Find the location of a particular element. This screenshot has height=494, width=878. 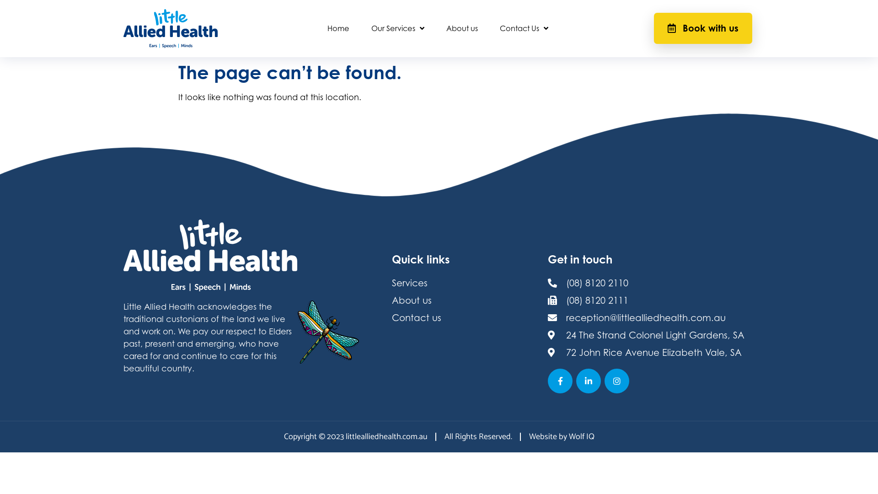

'24 The Strand Colonel Light Gardens, SA' is located at coordinates (649, 335).